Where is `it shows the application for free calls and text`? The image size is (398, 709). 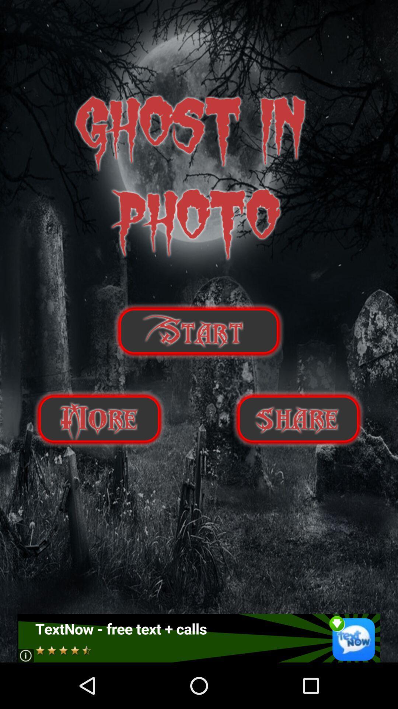
it shows the application for free calls and text is located at coordinates (198, 638).